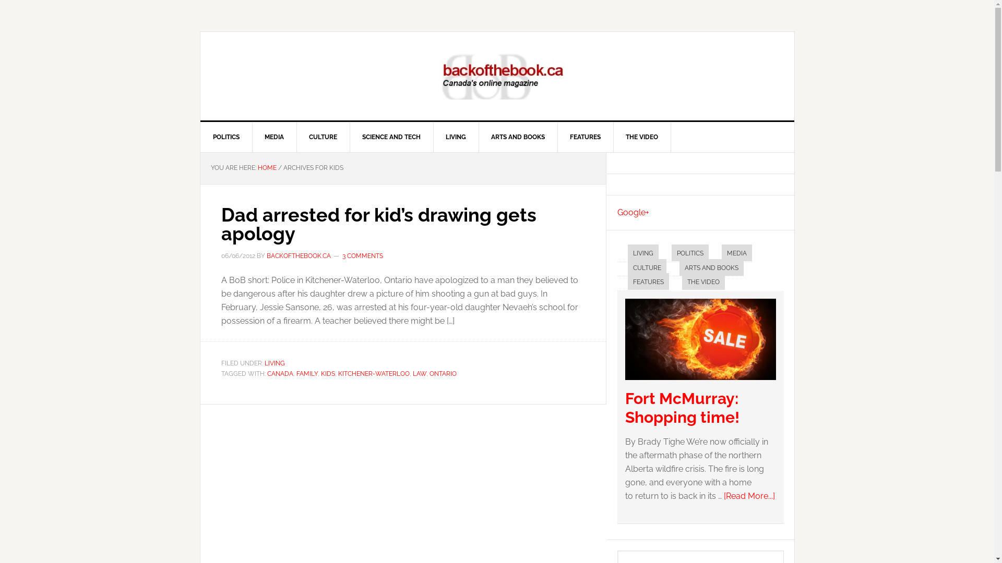  I want to click on 'HOME', so click(267, 167).